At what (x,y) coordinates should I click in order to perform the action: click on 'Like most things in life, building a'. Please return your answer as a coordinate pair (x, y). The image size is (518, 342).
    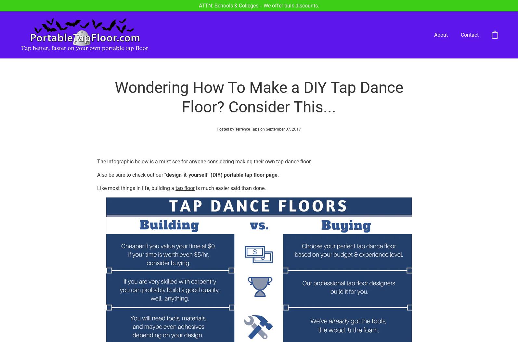
    Looking at the image, I should click on (136, 164).